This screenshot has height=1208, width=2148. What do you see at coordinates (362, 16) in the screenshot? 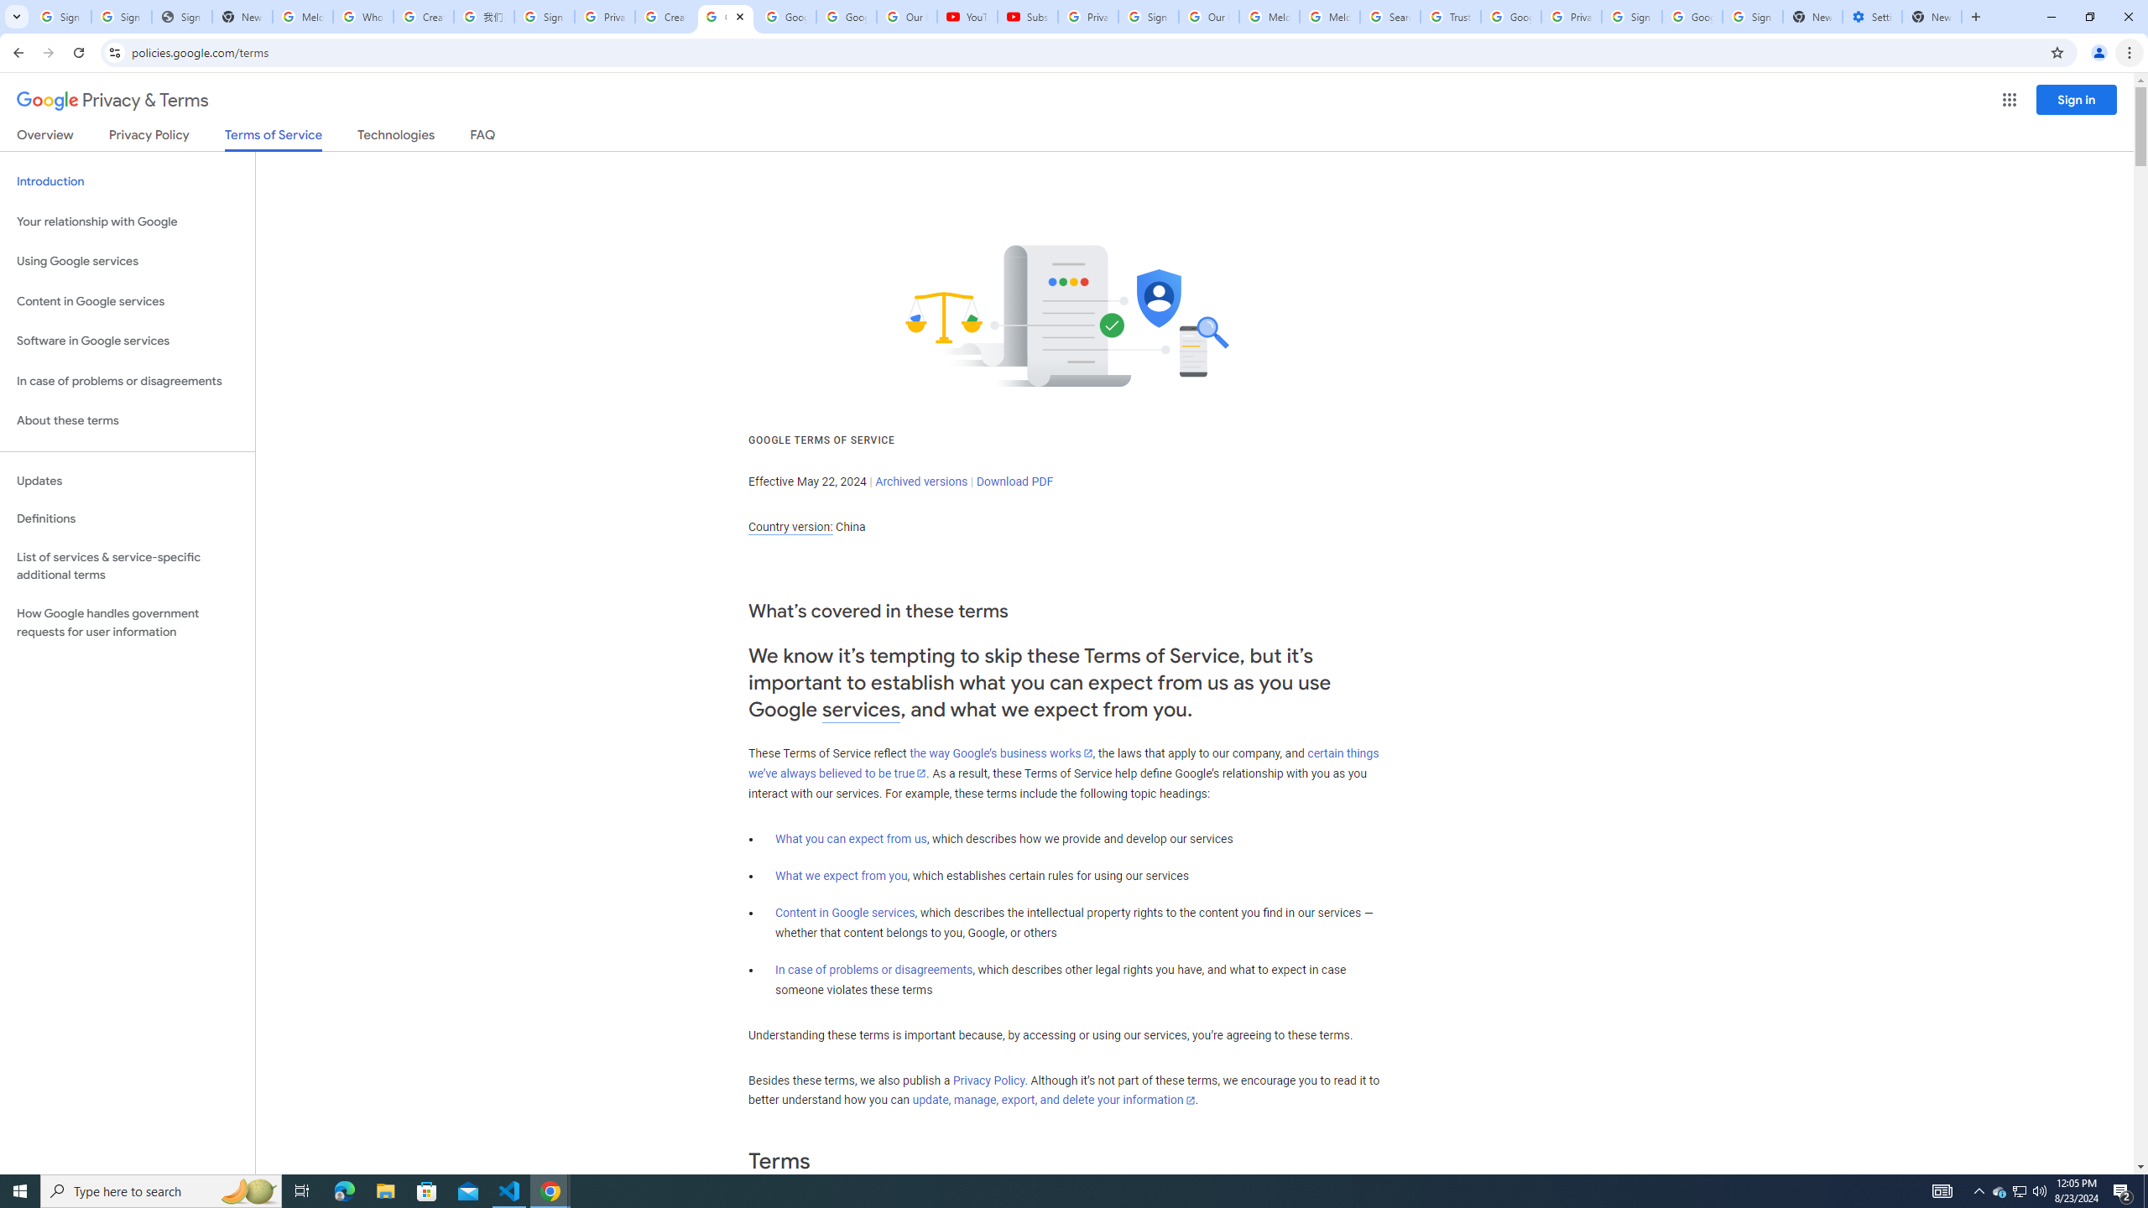
I see `'Who is my administrator? - Google Account Help'` at bounding box center [362, 16].